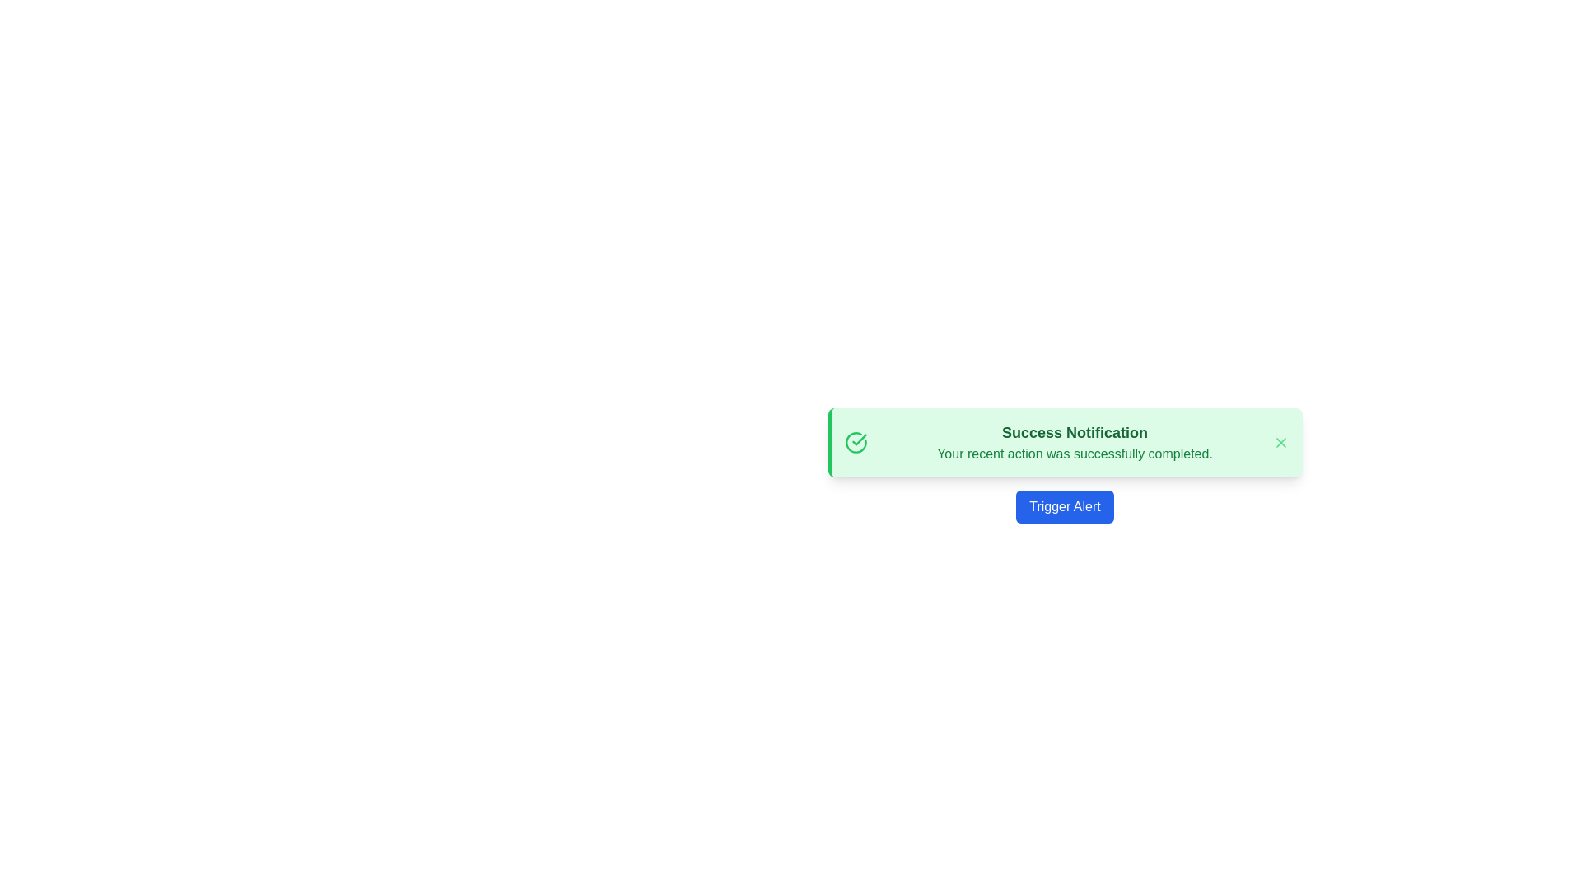 Image resolution: width=1581 pixels, height=889 pixels. Describe the element at coordinates (1066, 441) in the screenshot. I see `the green-themed notification panel titled 'Success Notification' with the subtitle 'Your recent action was successfully completed.'` at that location.